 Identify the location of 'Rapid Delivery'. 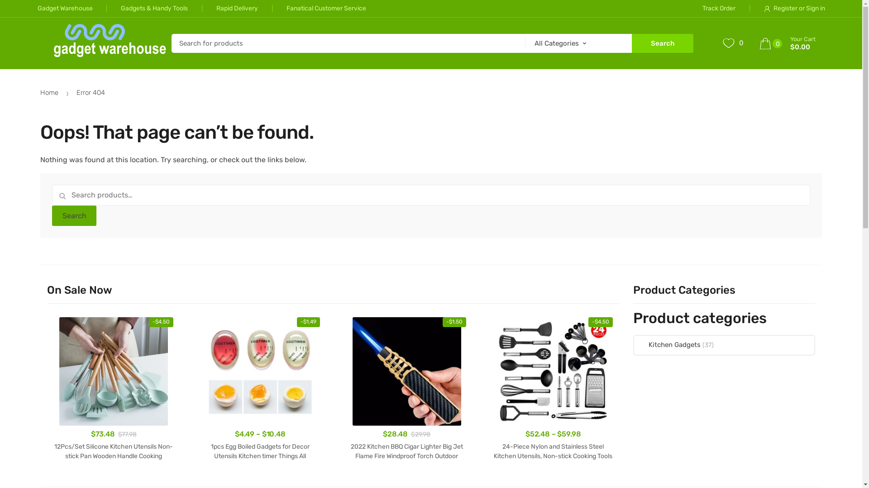
(223, 9).